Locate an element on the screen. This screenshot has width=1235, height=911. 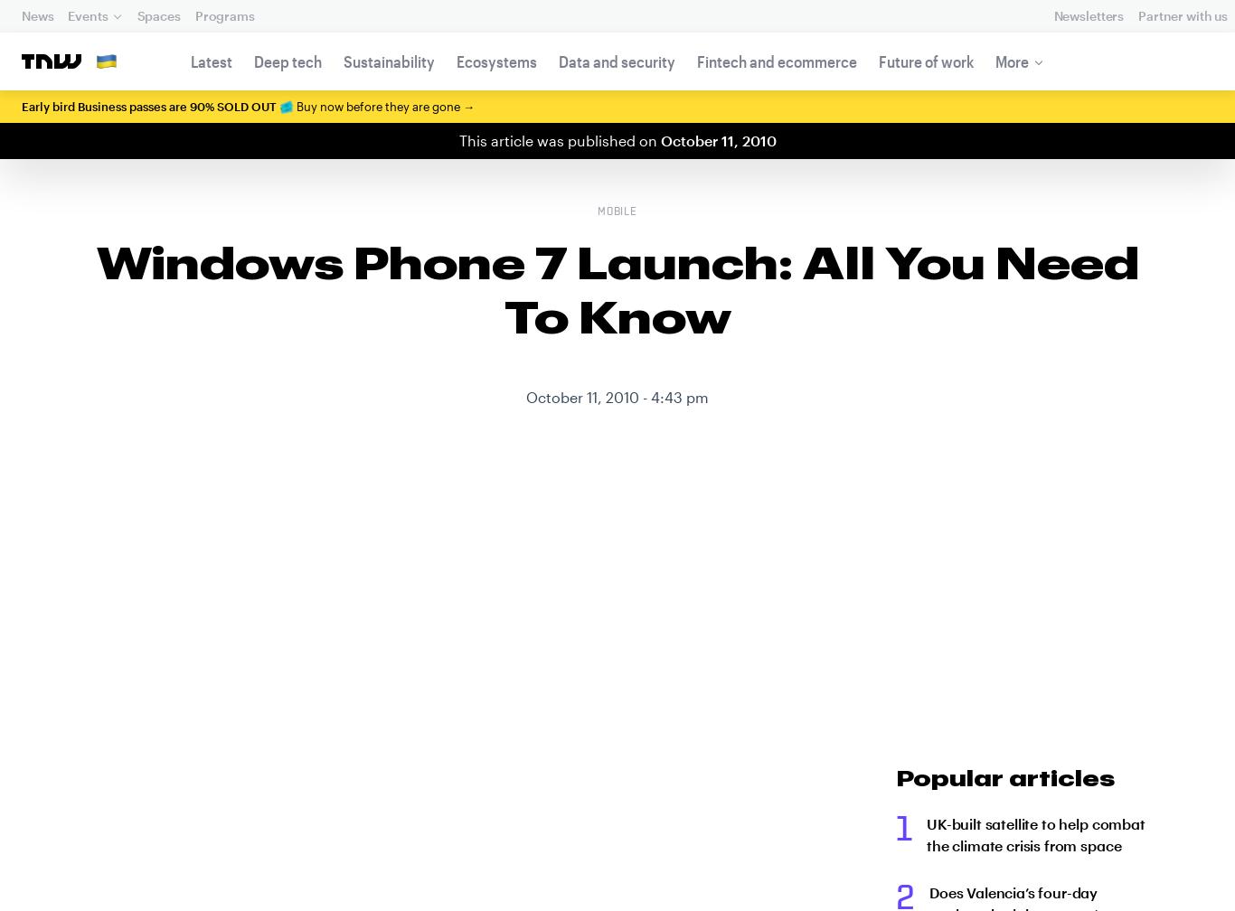
'Fintech and ecommerce' is located at coordinates (696, 61).